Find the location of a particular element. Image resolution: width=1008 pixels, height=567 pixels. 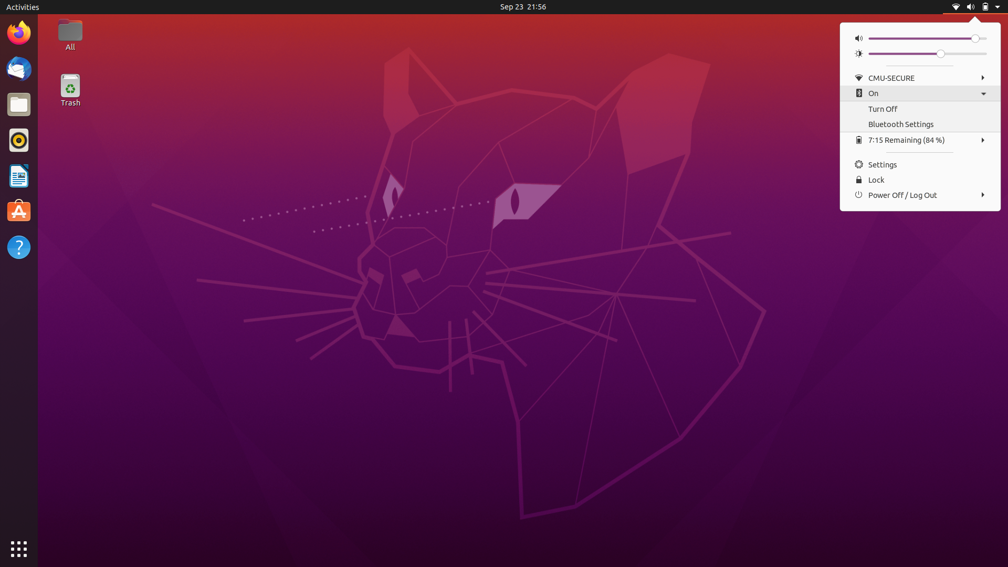

Help app is located at coordinates (19, 248).